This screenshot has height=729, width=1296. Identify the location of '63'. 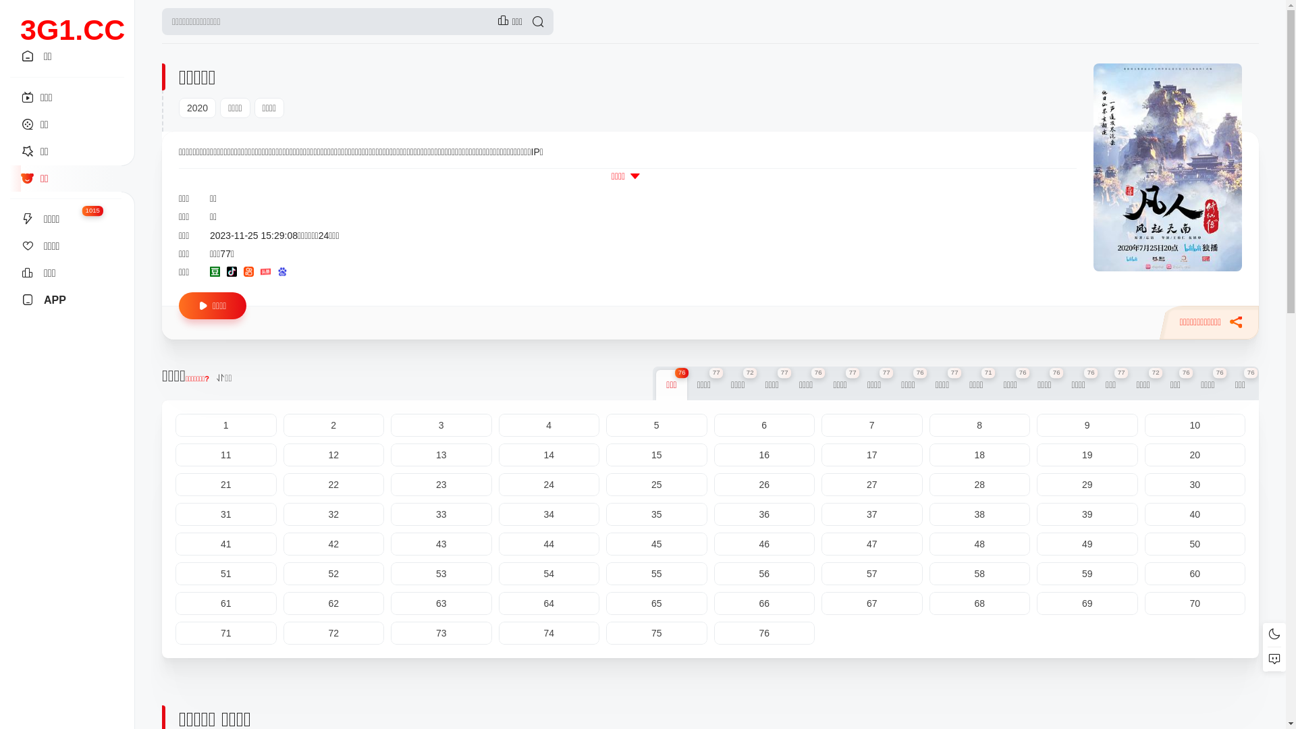
(441, 603).